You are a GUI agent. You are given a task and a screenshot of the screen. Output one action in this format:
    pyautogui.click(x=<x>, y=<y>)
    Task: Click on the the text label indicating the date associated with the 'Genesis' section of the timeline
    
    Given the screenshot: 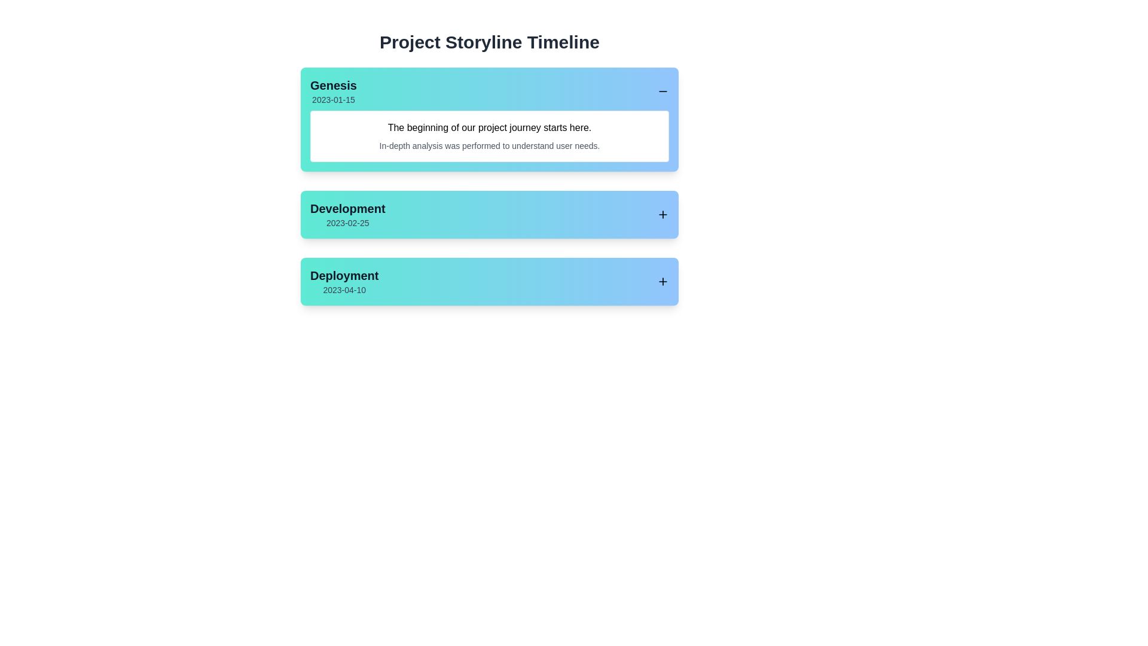 What is the action you would take?
    pyautogui.click(x=333, y=99)
    